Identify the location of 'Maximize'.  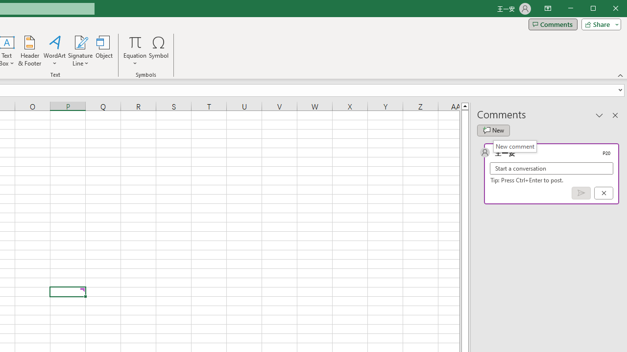
(606, 9).